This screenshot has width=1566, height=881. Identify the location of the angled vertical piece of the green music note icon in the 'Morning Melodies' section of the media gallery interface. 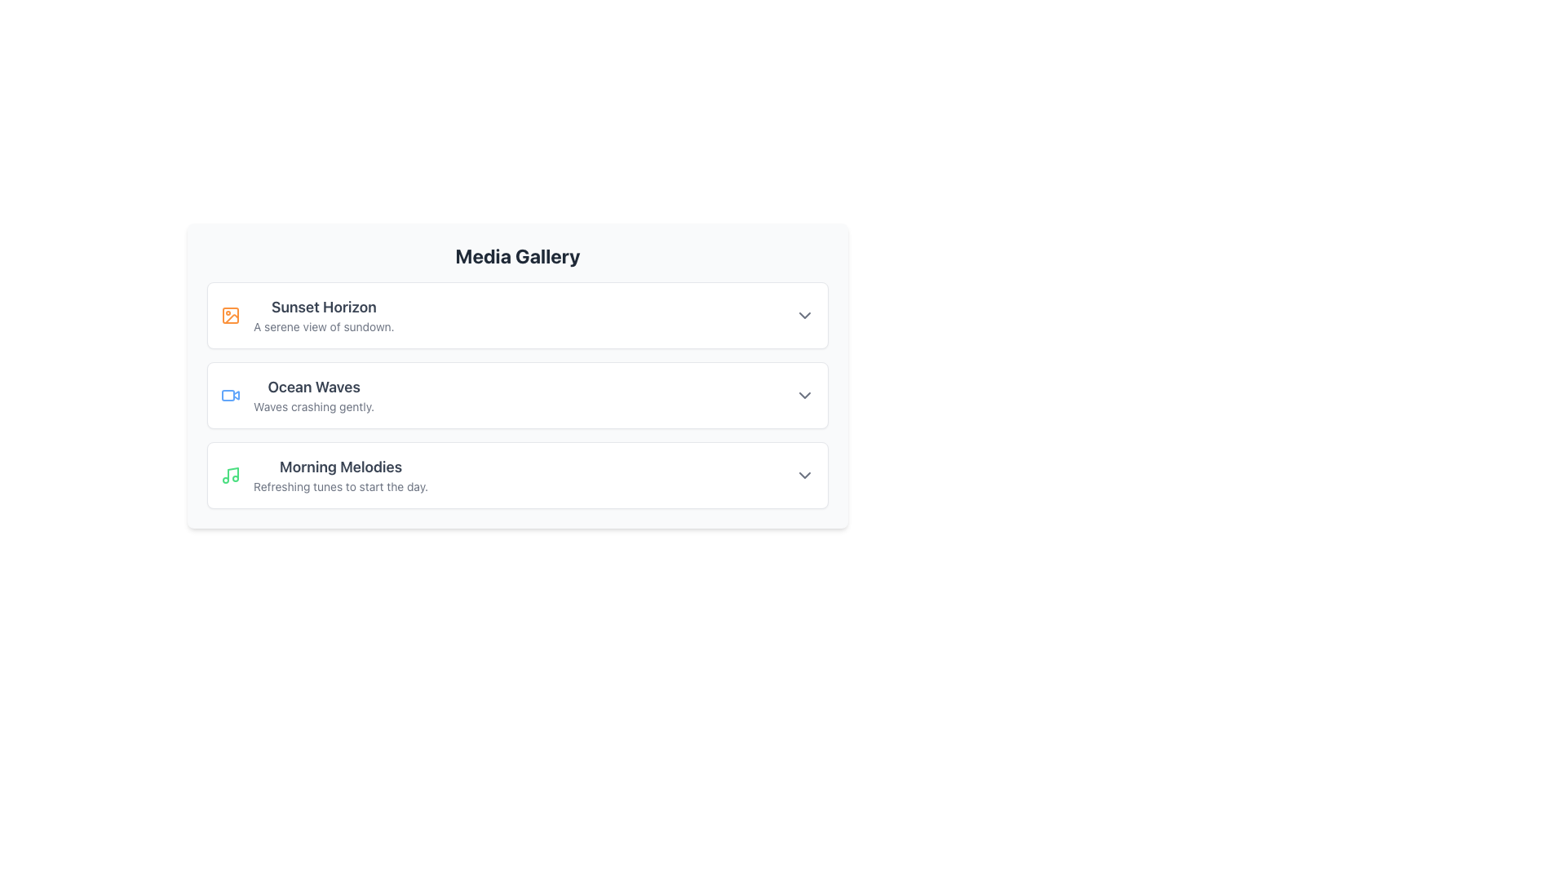
(232, 474).